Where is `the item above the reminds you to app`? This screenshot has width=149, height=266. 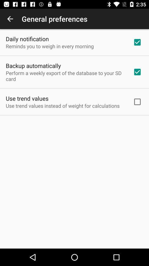
the item above the reminds you to app is located at coordinates (27, 39).